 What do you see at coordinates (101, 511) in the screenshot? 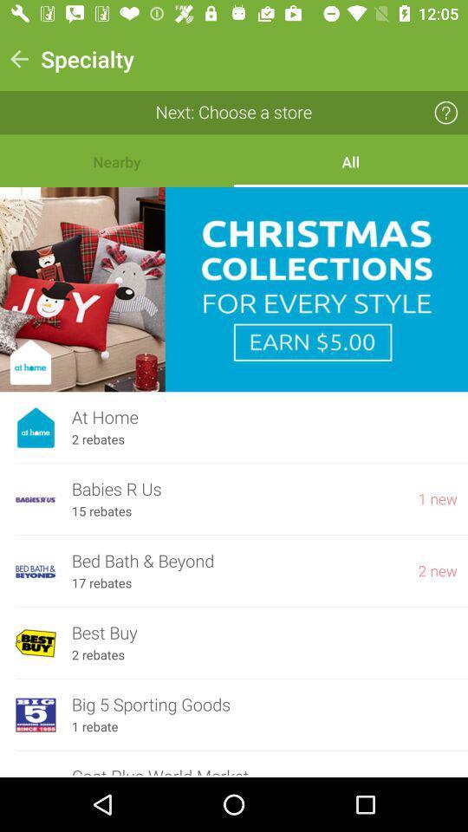
I see `icon below the babies r us item` at bounding box center [101, 511].